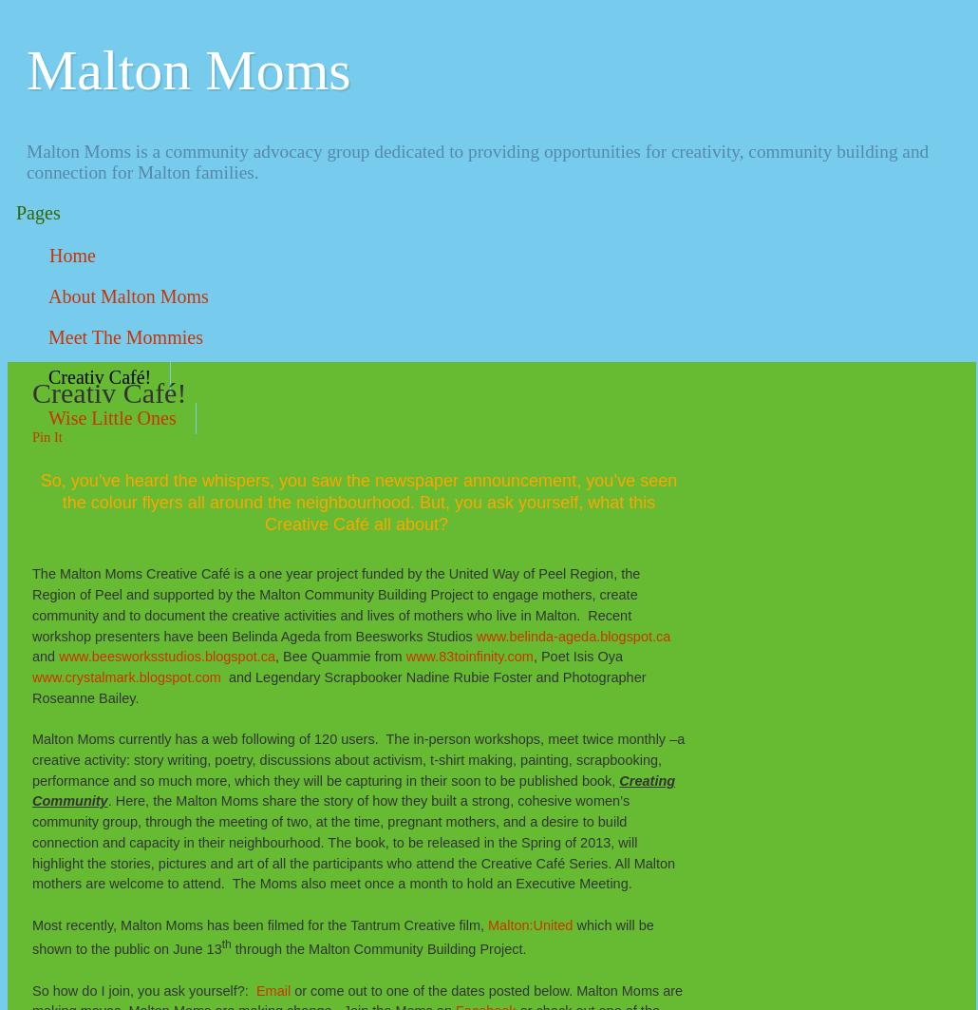 The image size is (978, 1010). I want to click on 'th', so click(226, 943).